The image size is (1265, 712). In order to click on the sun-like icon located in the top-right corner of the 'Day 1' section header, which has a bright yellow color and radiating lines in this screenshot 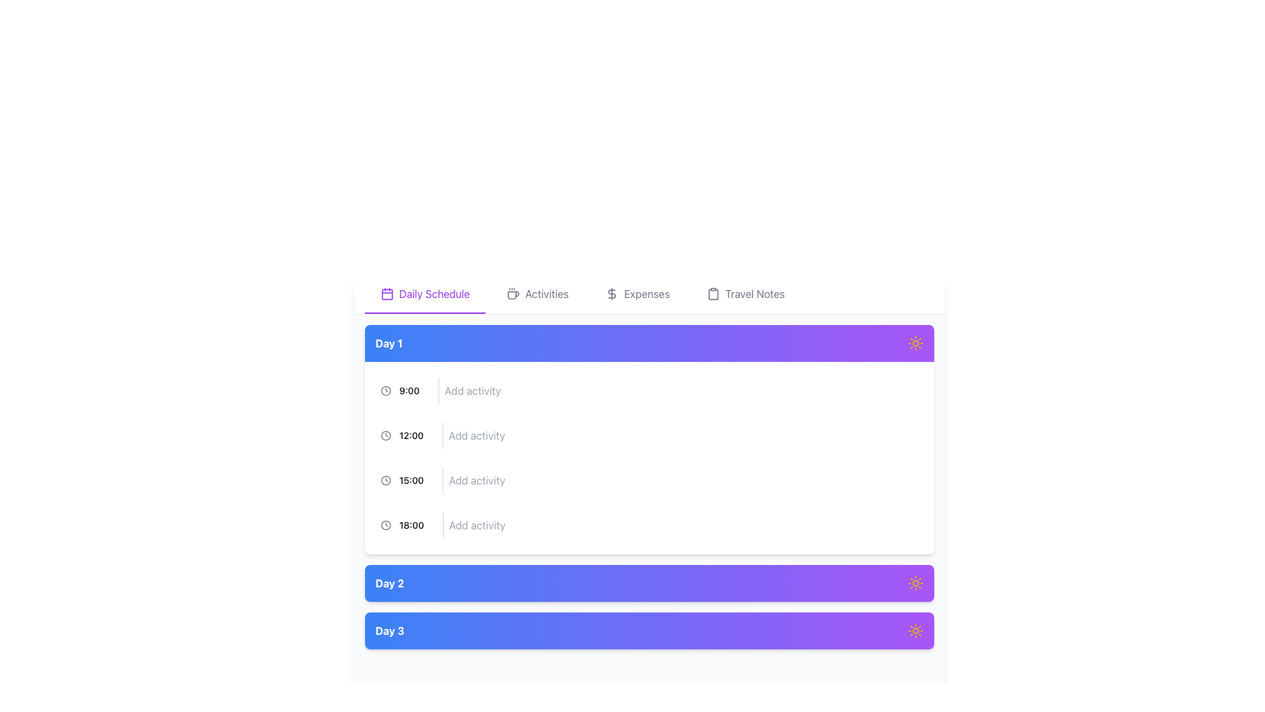, I will do `click(915, 342)`.